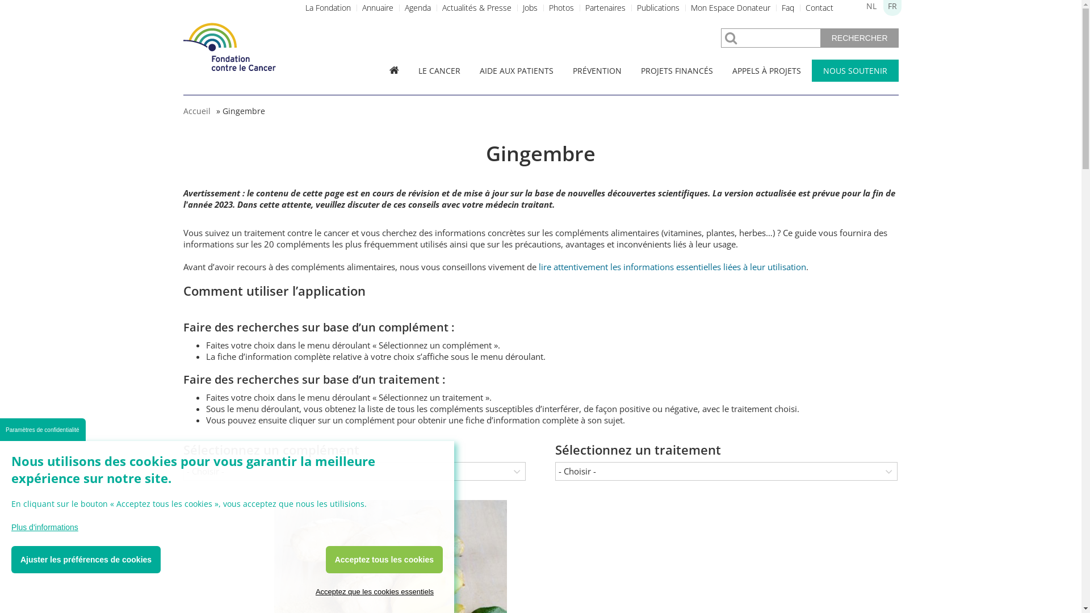  I want to click on 'Acceptez que les cookies essentiels', so click(375, 591).